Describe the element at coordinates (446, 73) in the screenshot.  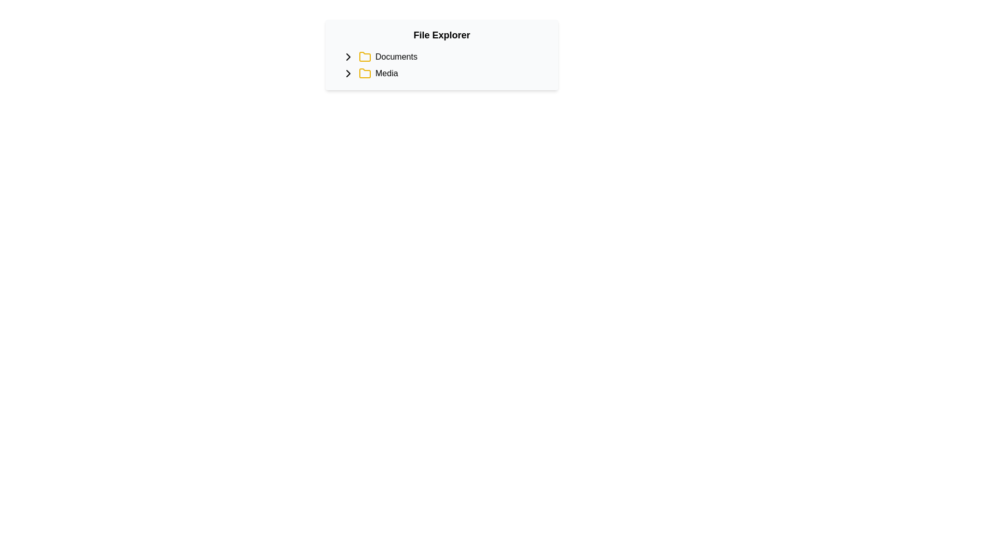
I see `the second list item component in the vertical list that serves as a navigational link to 'Media' content, located directly below 'Documents'` at that location.